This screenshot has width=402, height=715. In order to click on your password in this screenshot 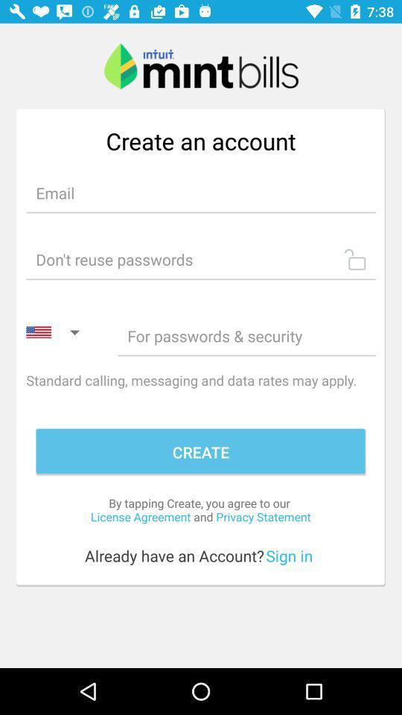, I will do `click(201, 259)`.